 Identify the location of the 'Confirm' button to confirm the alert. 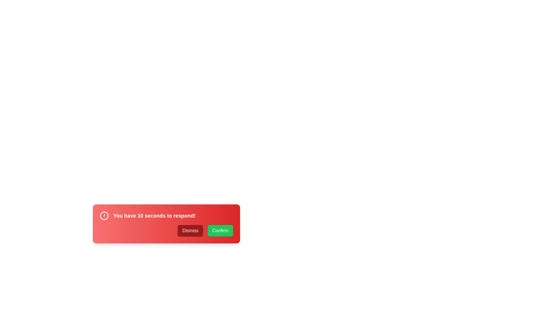
(220, 230).